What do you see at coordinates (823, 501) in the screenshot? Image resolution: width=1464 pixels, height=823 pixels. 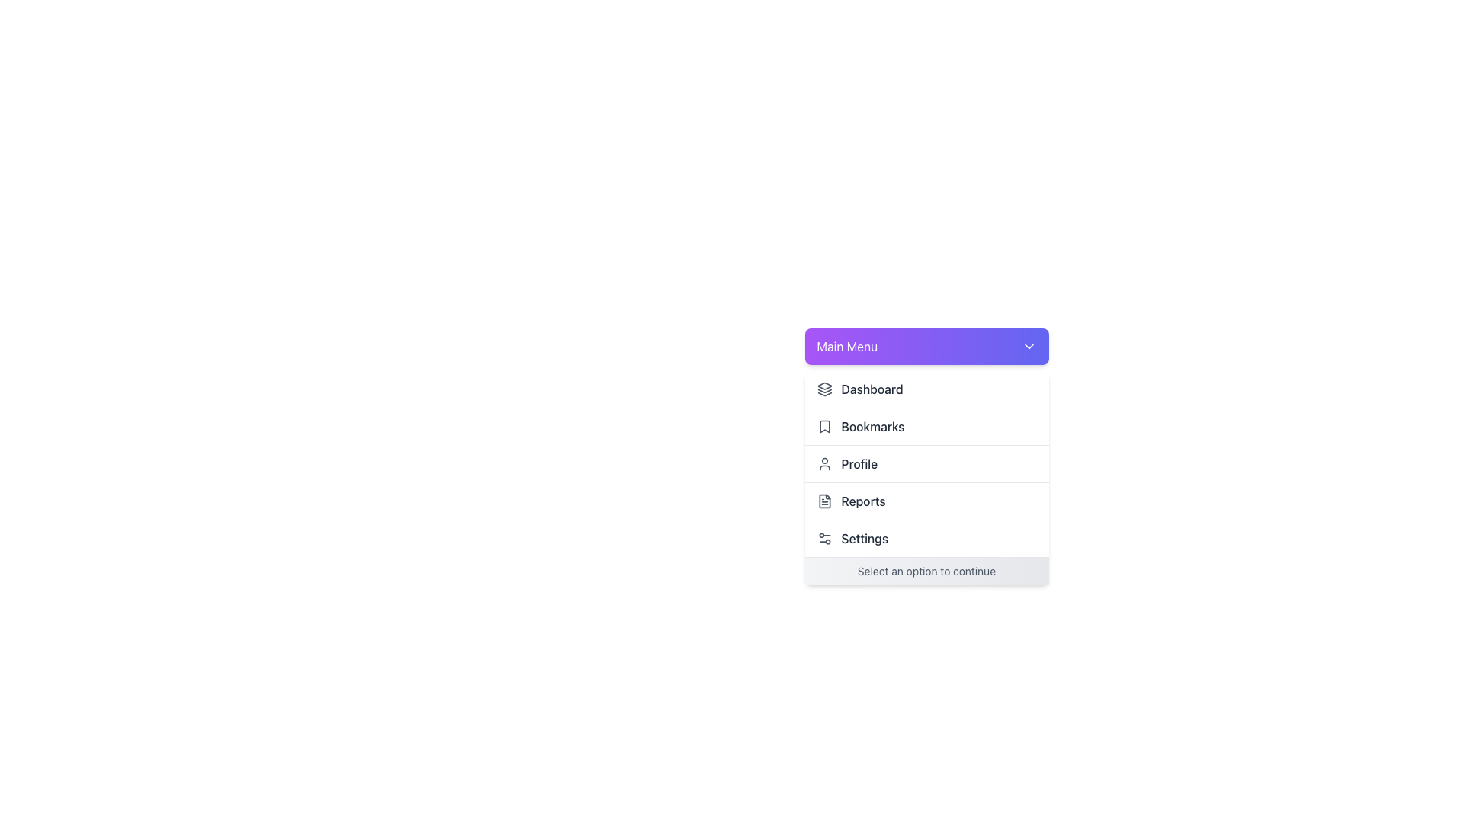 I see `the gray document icon next to the 'Reports' label in the fourth position of the Main Menu` at bounding box center [823, 501].